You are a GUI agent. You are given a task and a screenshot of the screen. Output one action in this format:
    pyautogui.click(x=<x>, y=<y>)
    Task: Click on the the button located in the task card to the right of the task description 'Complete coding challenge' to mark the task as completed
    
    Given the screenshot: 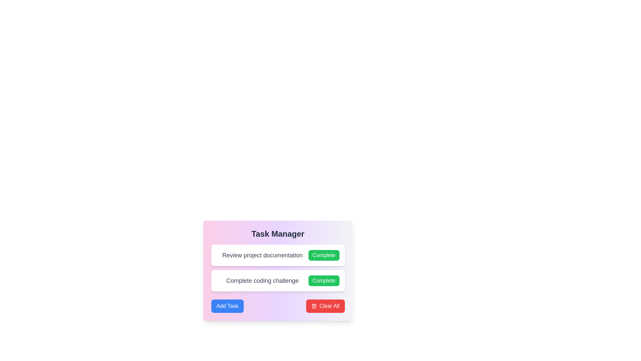 What is the action you would take?
    pyautogui.click(x=324, y=281)
    